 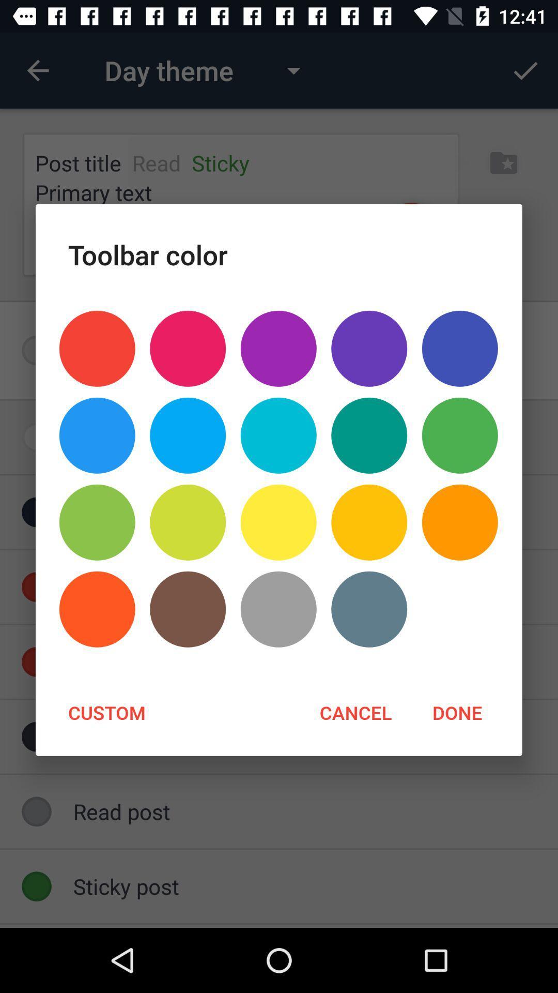 I want to click on the icon above custom icon, so click(x=188, y=609).